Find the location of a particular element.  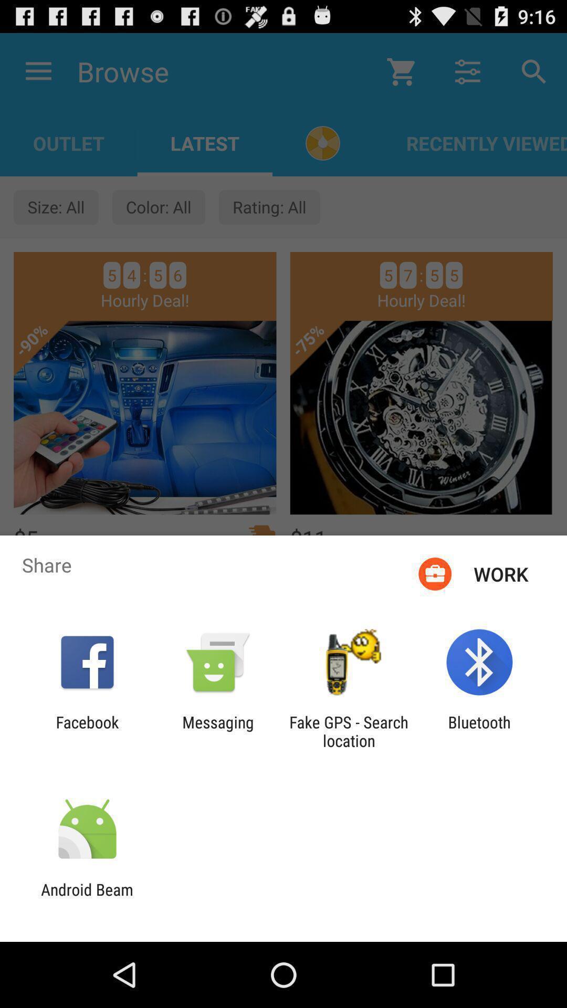

bluetooth is located at coordinates (479, 731).